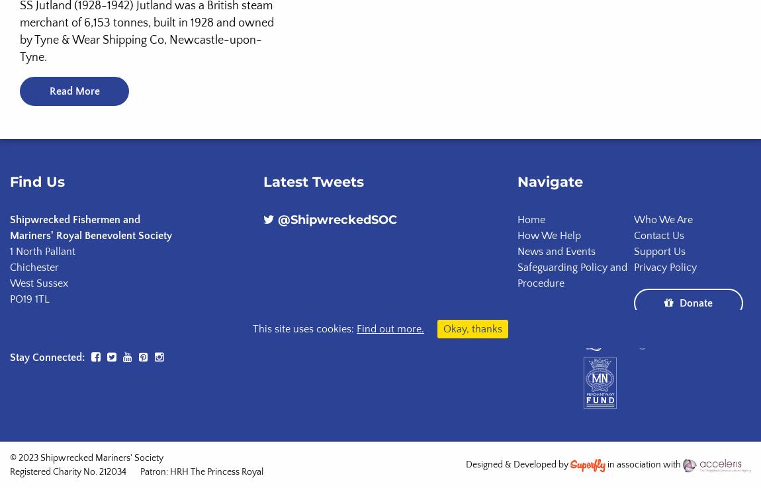  What do you see at coordinates (42, 250) in the screenshot?
I see `'1 North Pallant'` at bounding box center [42, 250].